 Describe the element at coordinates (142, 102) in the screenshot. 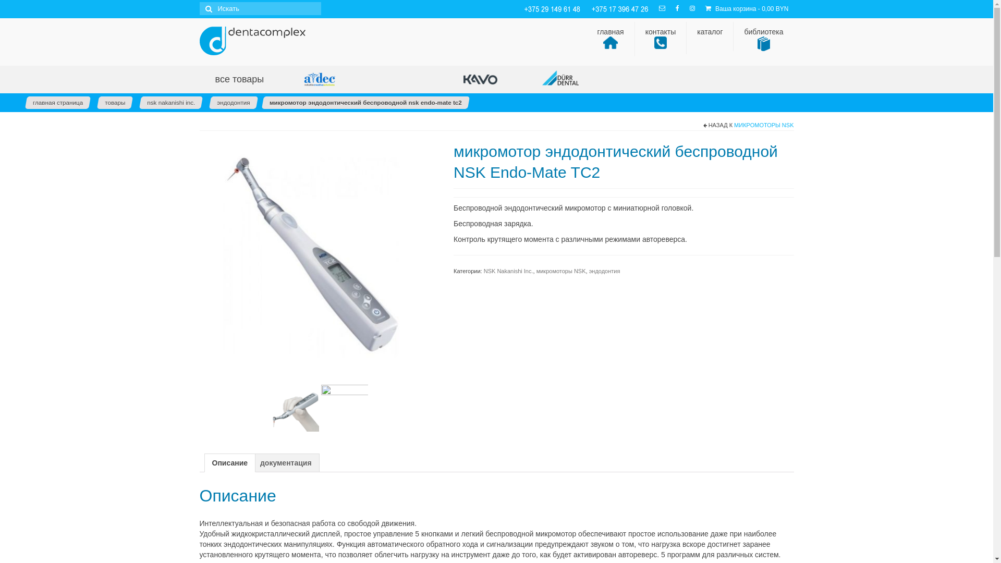

I see `'nsk nakanishi inc.'` at that location.